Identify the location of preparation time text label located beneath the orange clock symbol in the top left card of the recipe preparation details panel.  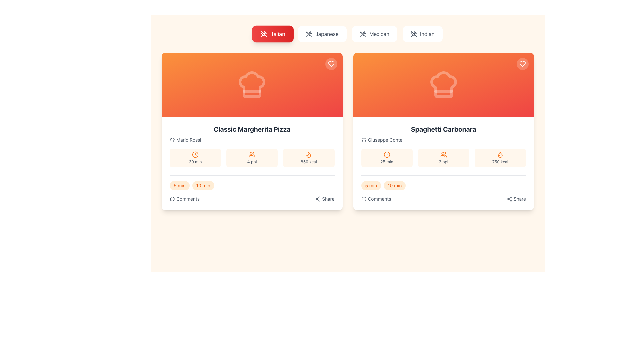
(195, 162).